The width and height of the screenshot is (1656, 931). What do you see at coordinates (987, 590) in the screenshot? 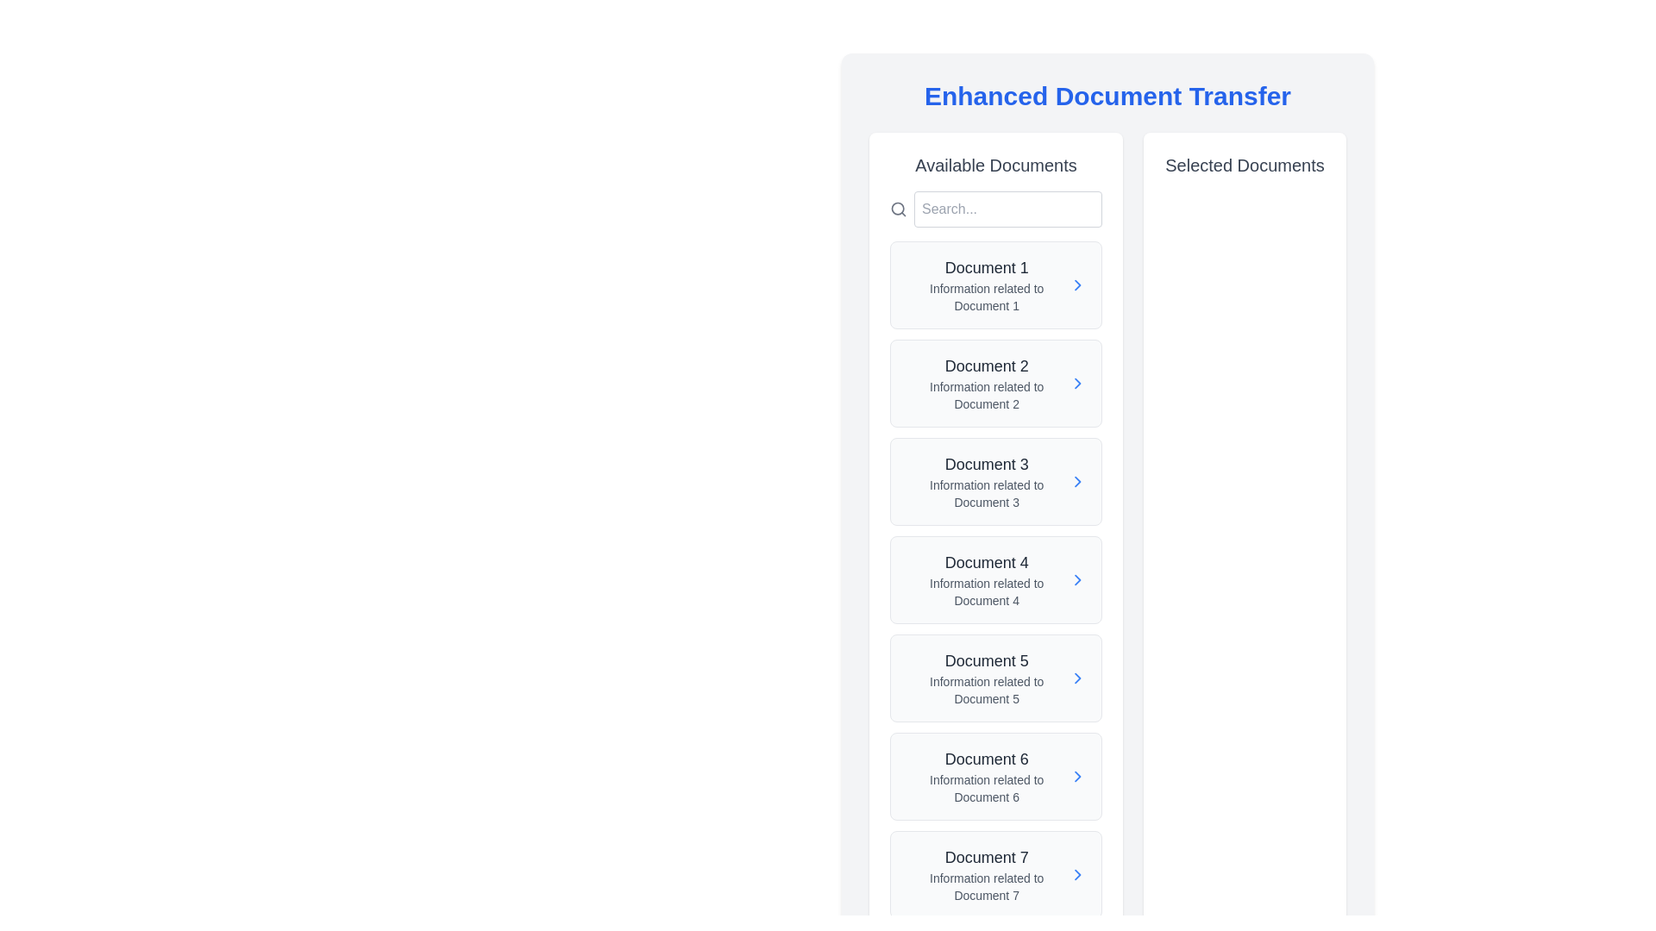
I see `the static text label displaying 'Information related to Document 4', which is located below the title 'Document 4' in the 'Available Documents' section` at bounding box center [987, 590].